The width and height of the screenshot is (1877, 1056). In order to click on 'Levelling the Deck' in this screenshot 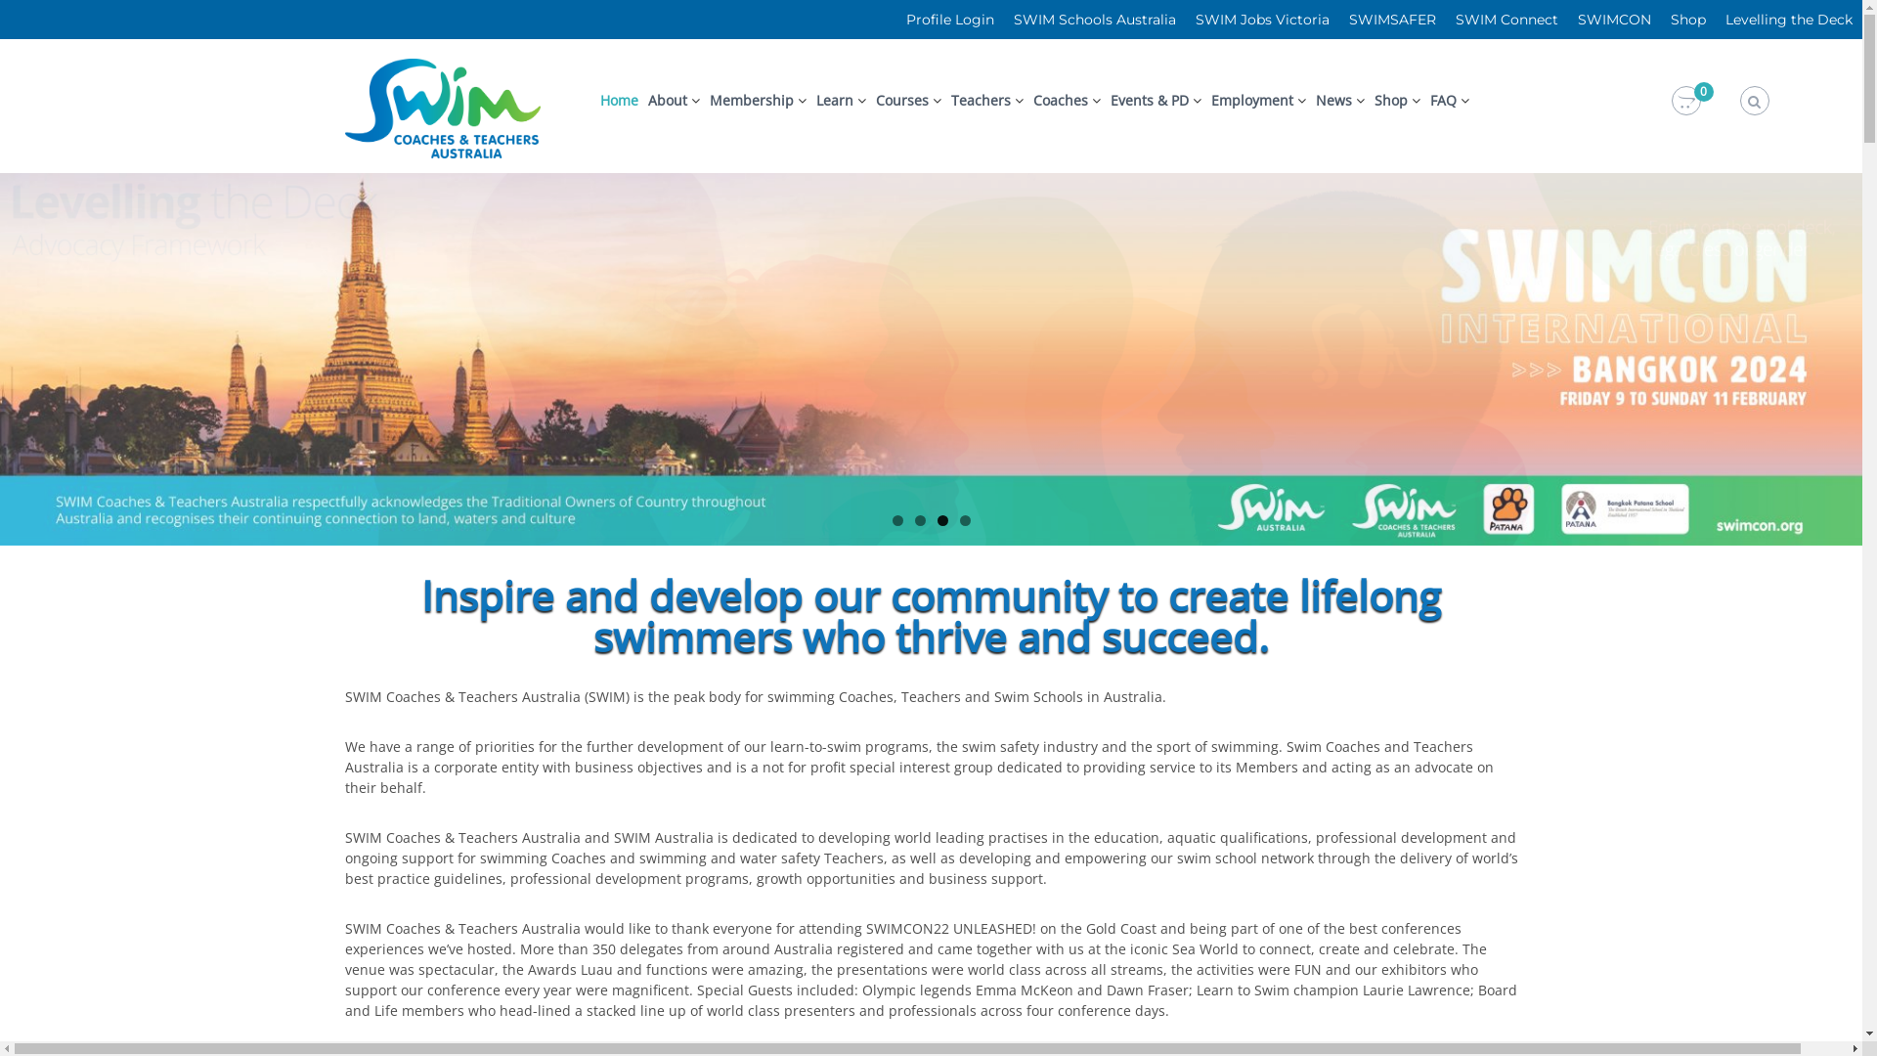, I will do `click(1788, 19)`.